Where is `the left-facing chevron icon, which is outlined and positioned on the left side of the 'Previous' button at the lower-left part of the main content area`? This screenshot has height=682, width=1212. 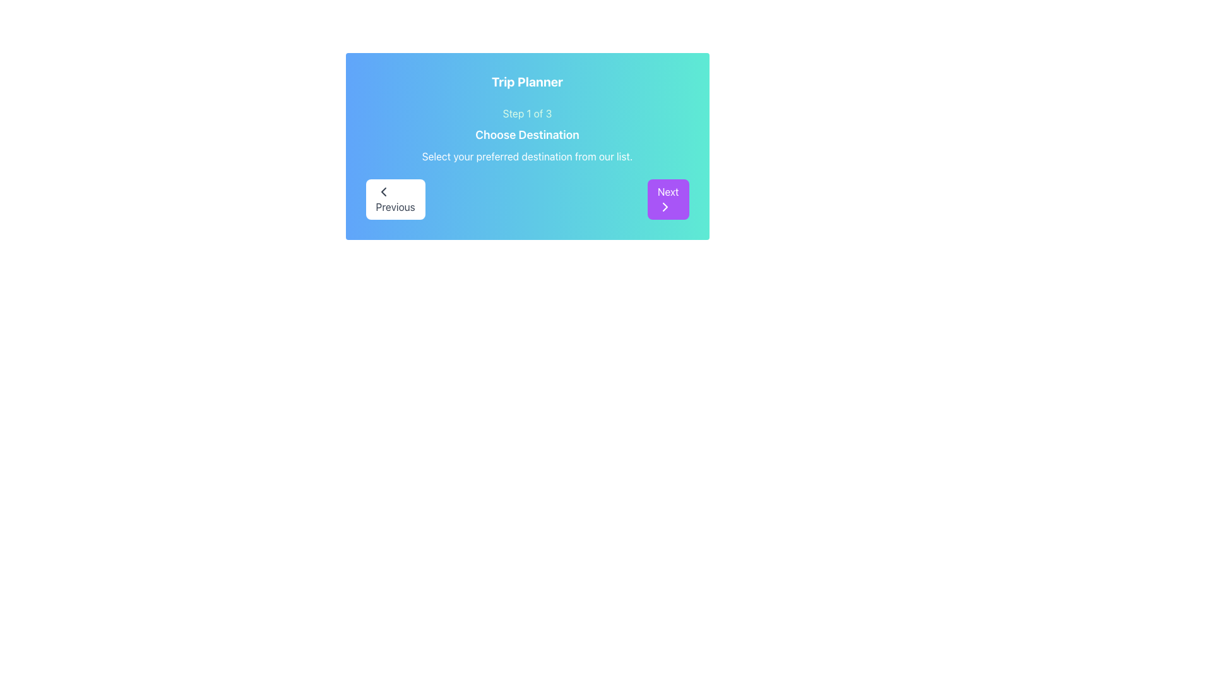
the left-facing chevron icon, which is outlined and positioned on the left side of the 'Previous' button at the lower-left part of the main content area is located at coordinates (383, 192).